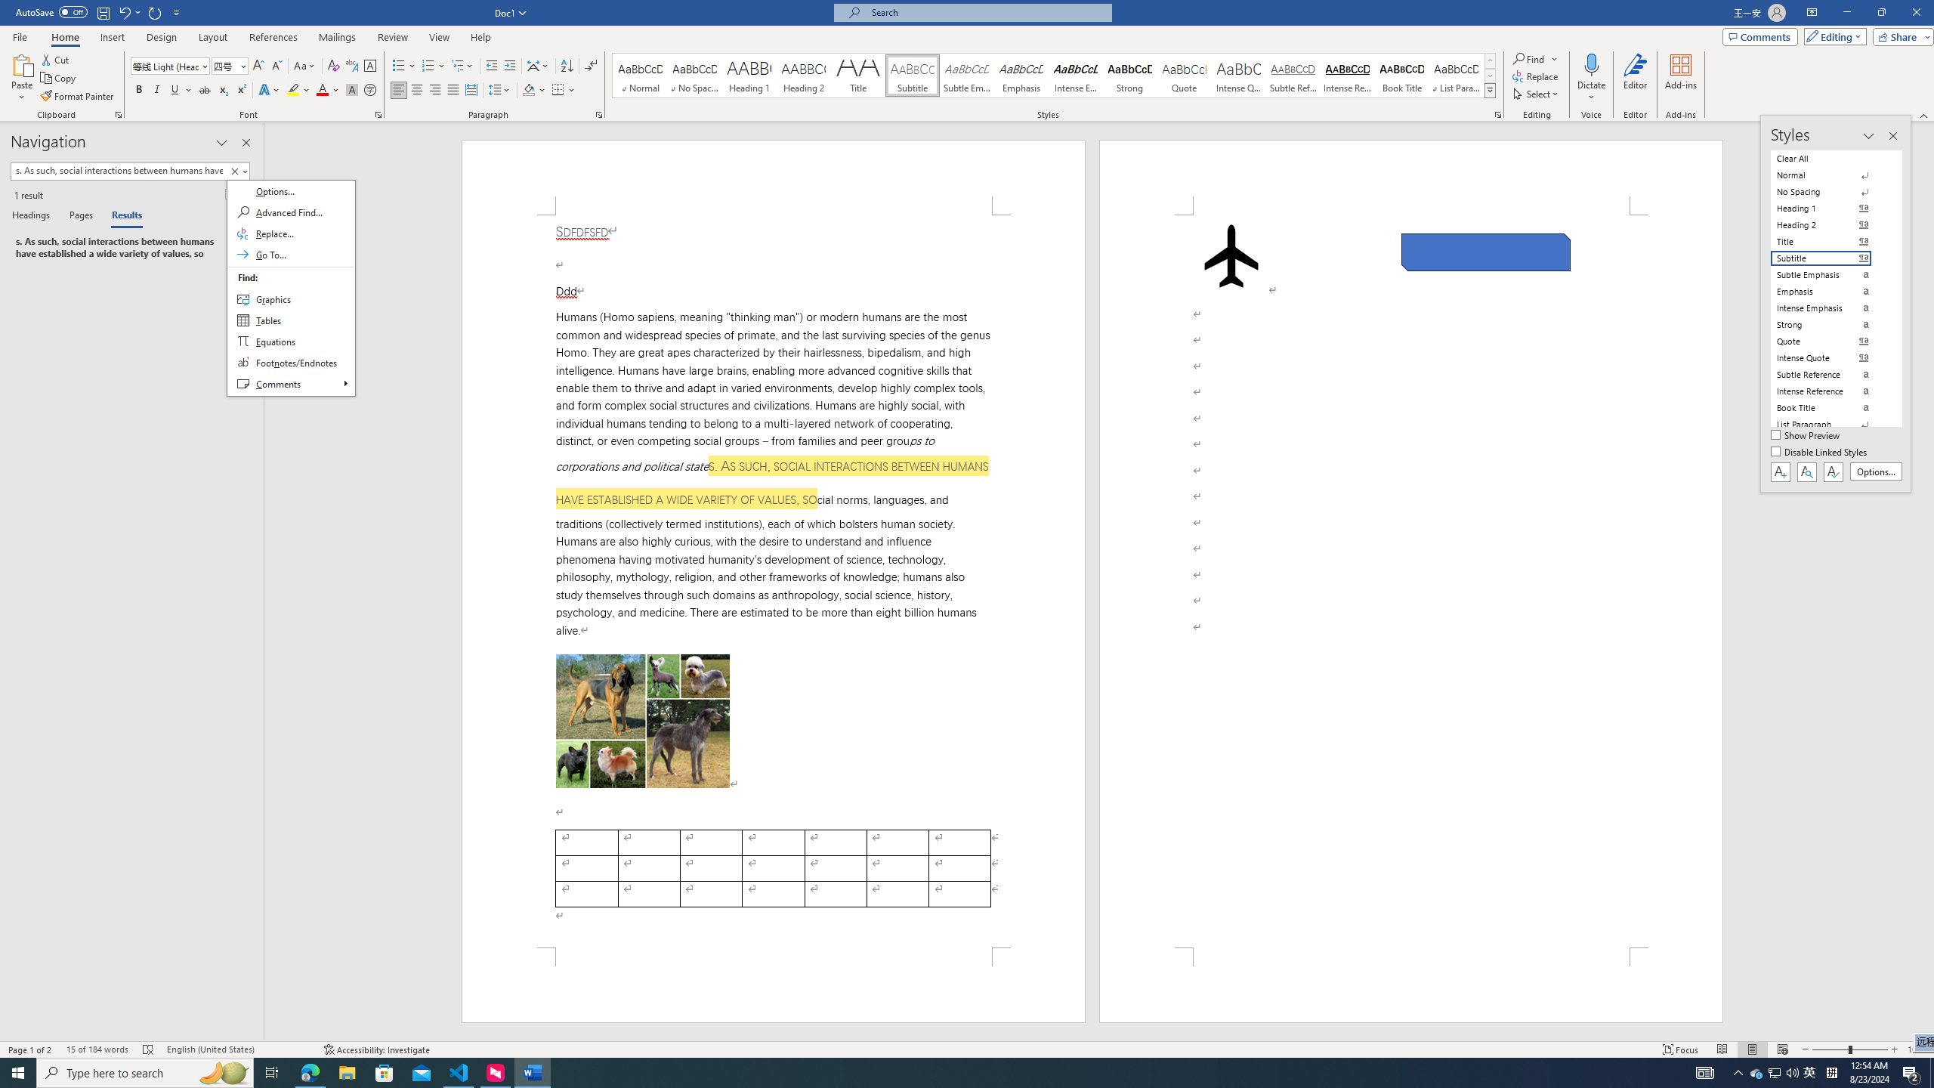 Image resolution: width=1934 pixels, height=1088 pixels. I want to click on 'Shrink Font', so click(277, 66).